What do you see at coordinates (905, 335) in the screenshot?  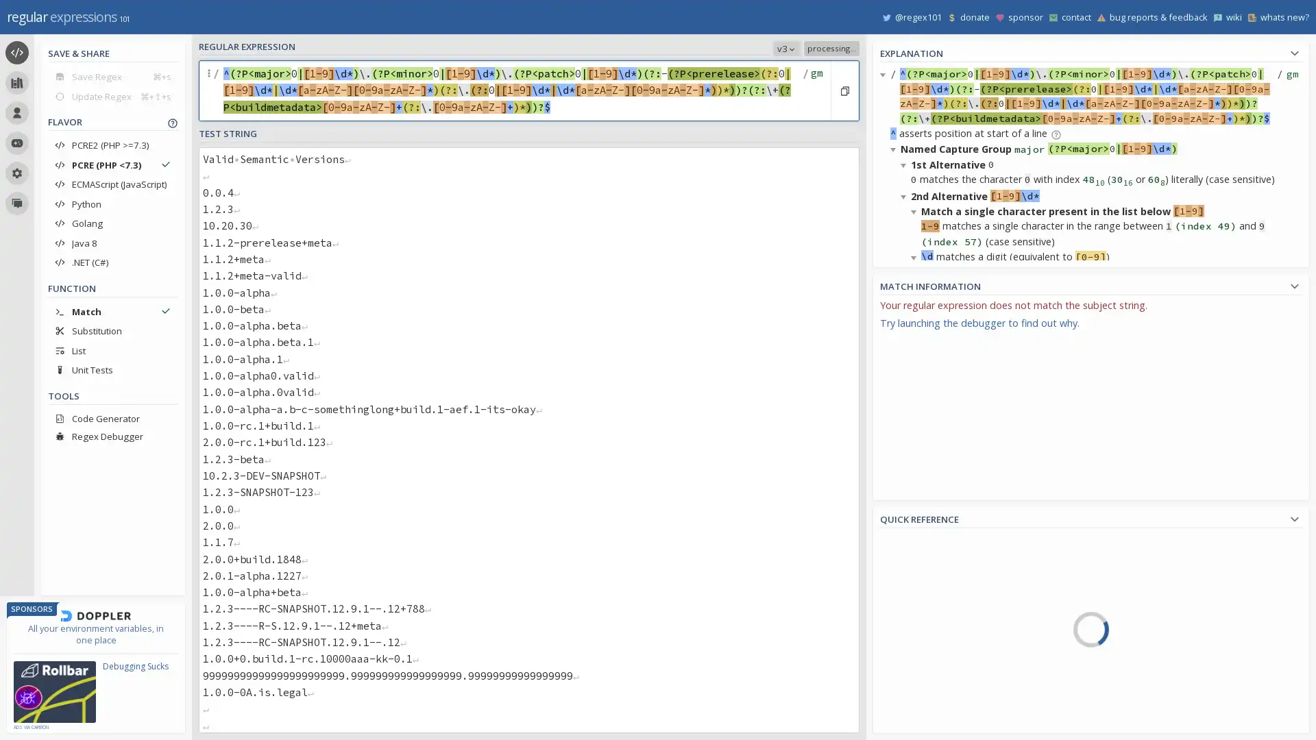 I see `Collapse Subtree` at bounding box center [905, 335].